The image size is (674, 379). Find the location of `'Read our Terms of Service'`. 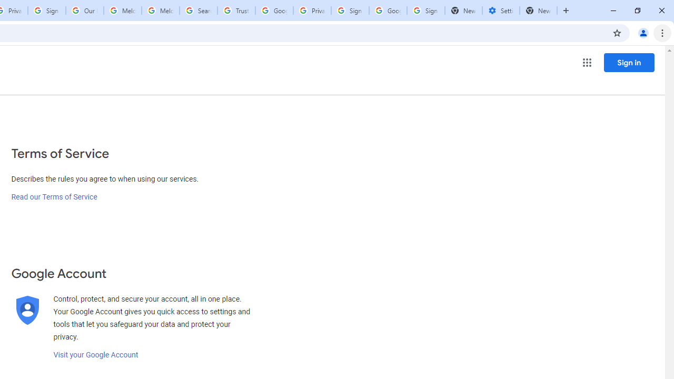

'Read our Terms of Service' is located at coordinates (54, 197).